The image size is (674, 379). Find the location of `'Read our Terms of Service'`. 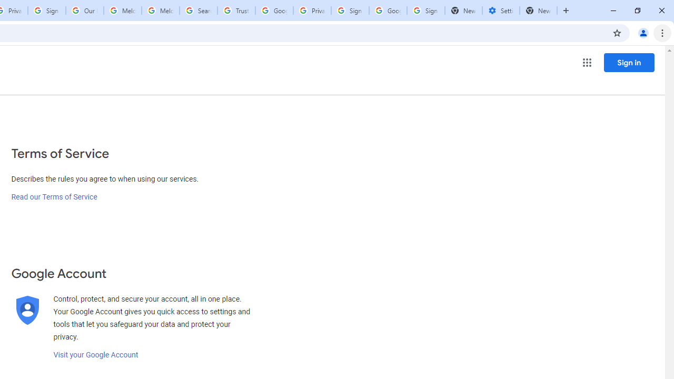

'Read our Terms of Service' is located at coordinates (54, 197).